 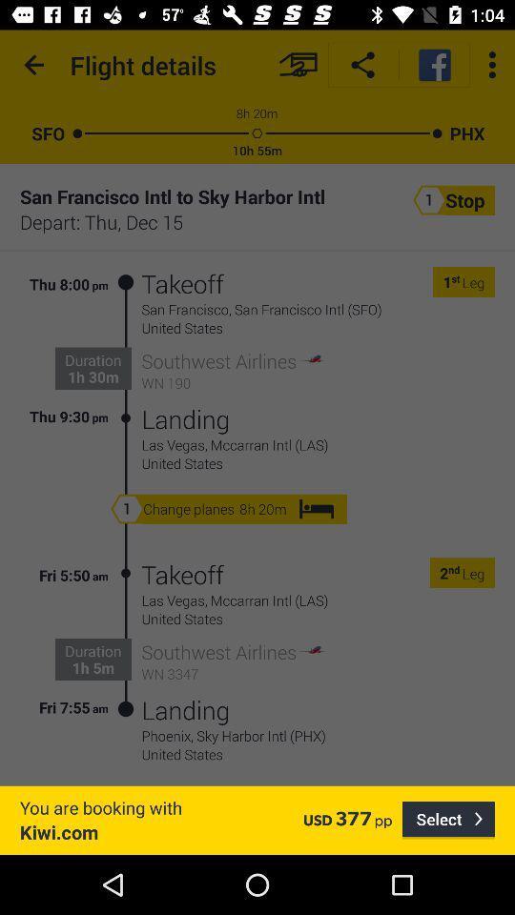 What do you see at coordinates (298, 65) in the screenshot?
I see `the icon to the right of flight details item` at bounding box center [298, 65].